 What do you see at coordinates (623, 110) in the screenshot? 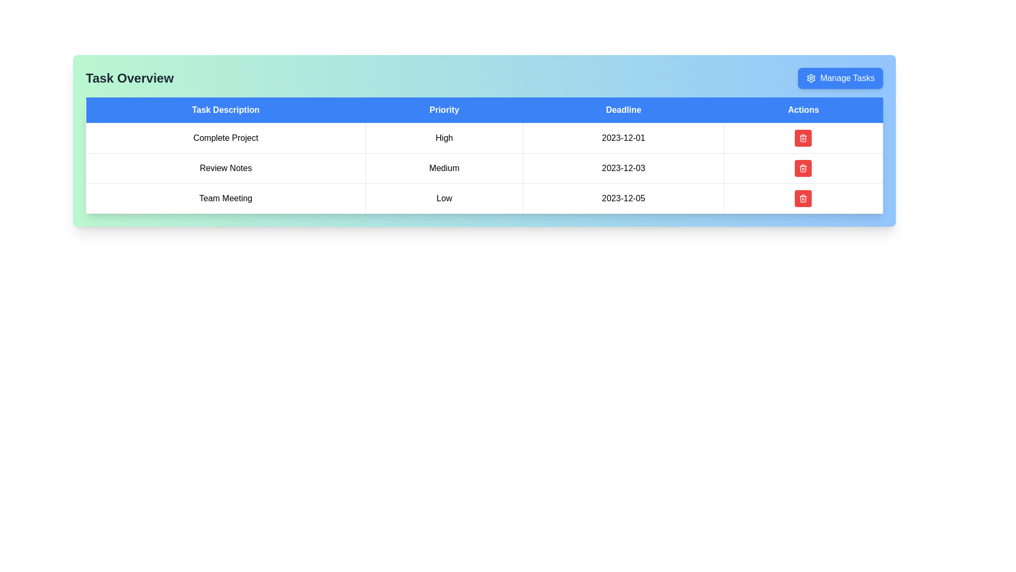
I see `the Table Header Cell displaying 'Deadline', which is the third cell from the left in the header row of a table, located between 'Priority' and 'Actions'` at bounding box center [623, 110].